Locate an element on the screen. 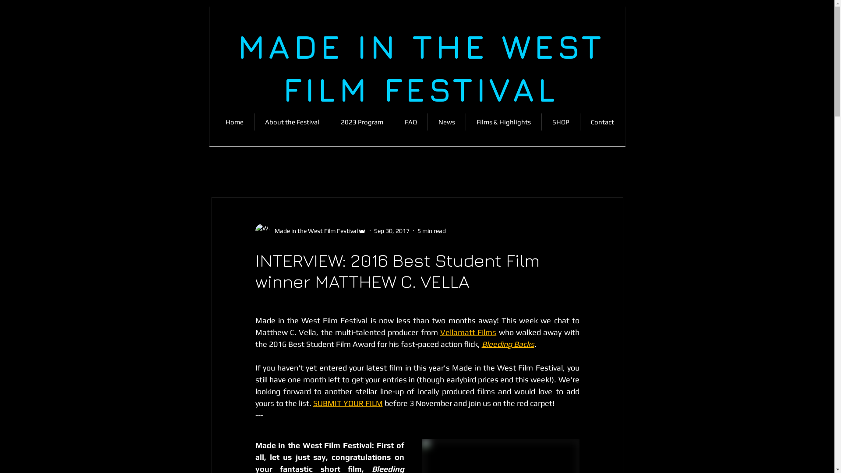 Image resolution: width=841 pixels, height=473 pixels. 'Vellamatt Films' is located at coordinates (468, 332).